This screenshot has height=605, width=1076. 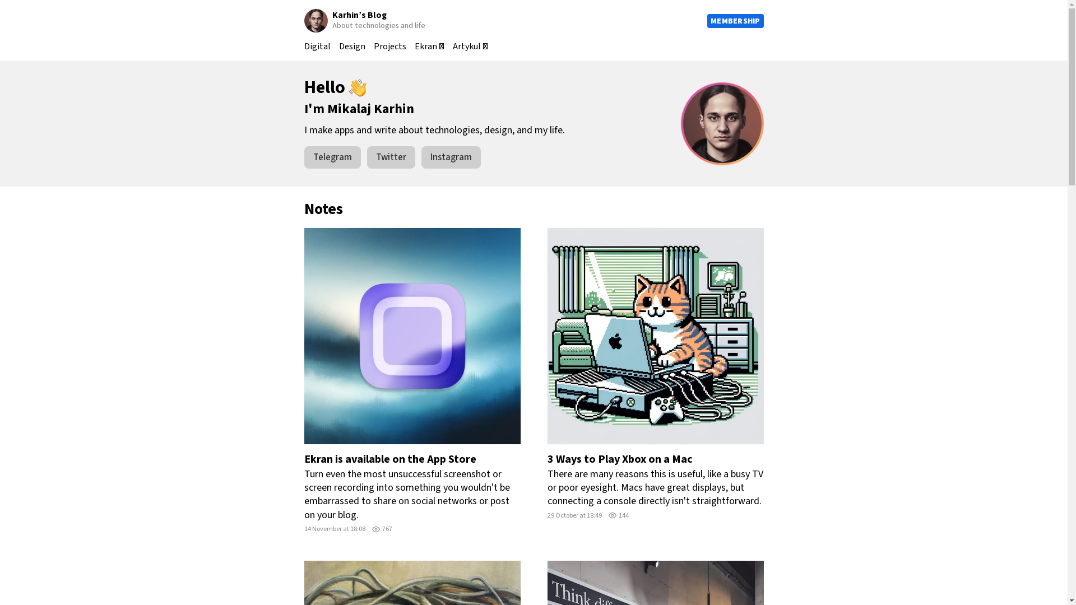 What do you see at coordinates (389, 46) in the screenshot?
I see `'Projects'` at bounding box center [389, 46].